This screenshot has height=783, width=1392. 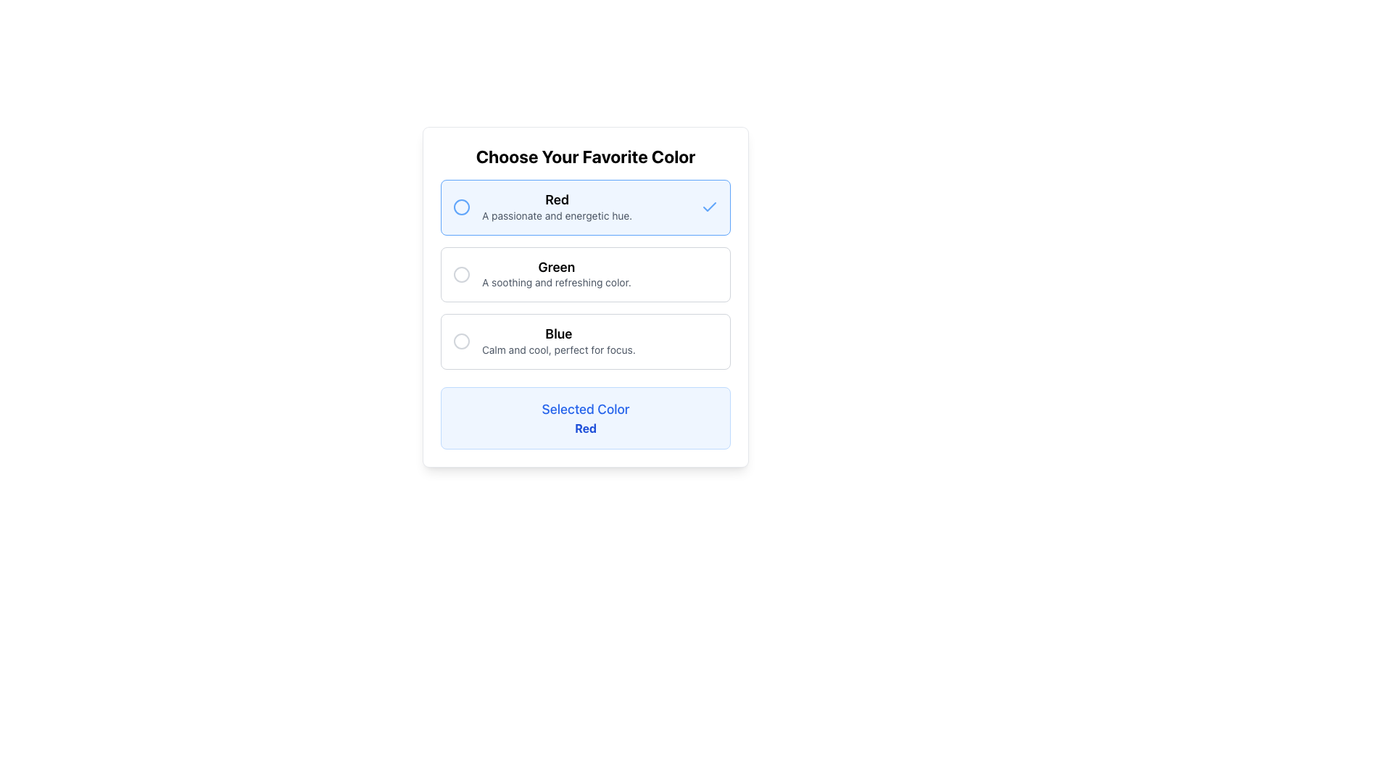 What do you see at coordinates (461, 341) in the screenshot?
I see `the SVG Circle representing the 'Blue' color option in the selectable list of favorite colors` at bounding box center [461, 341].